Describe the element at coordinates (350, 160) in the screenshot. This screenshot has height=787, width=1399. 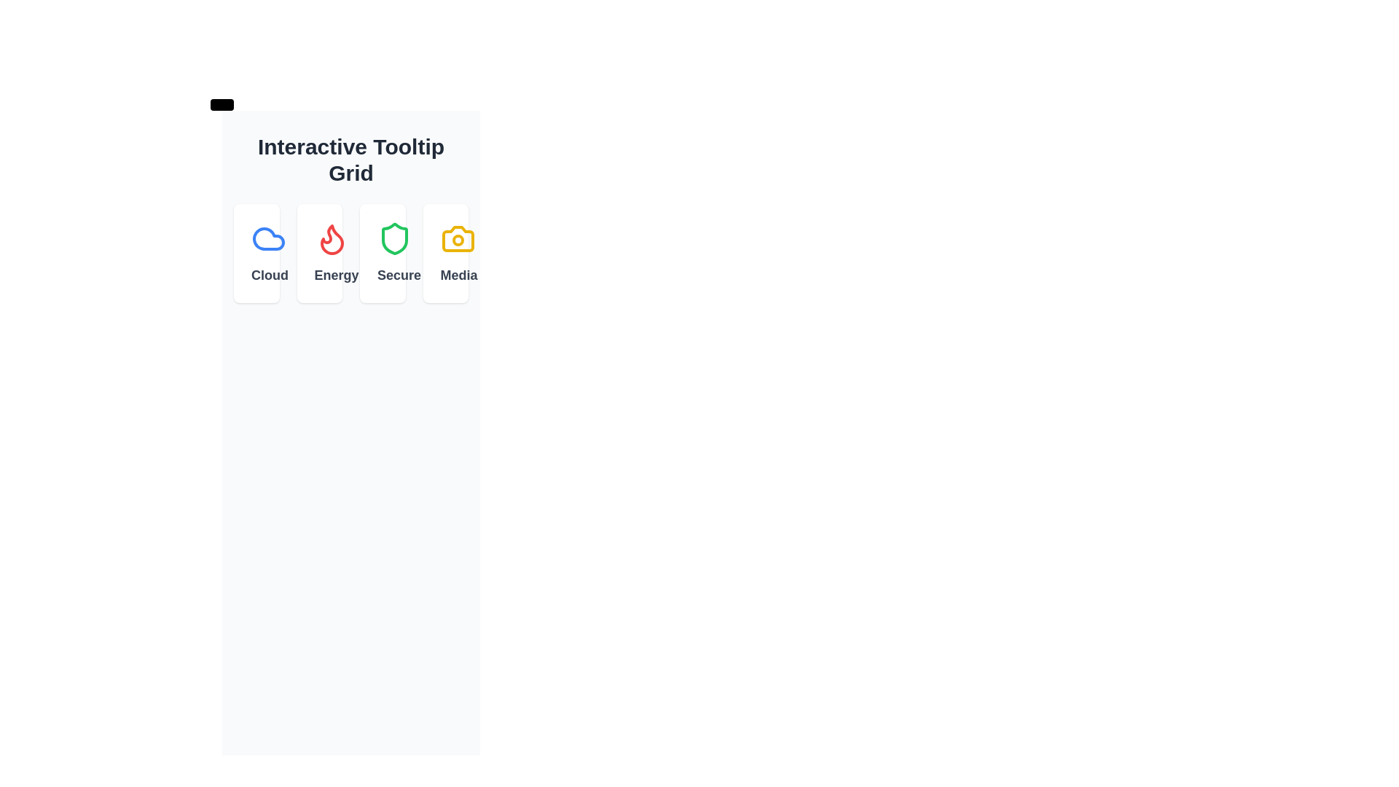
I see `on the bold title text element reading 'Interactive Tooltip Grid'` at that location.